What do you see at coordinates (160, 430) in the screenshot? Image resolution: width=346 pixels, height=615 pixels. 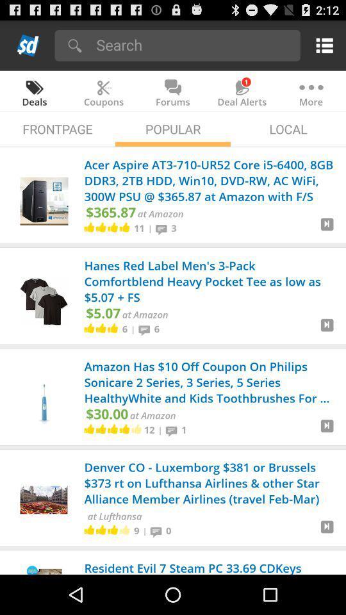 I see `the item below at amazon icon` at bounding box center [160, 430].